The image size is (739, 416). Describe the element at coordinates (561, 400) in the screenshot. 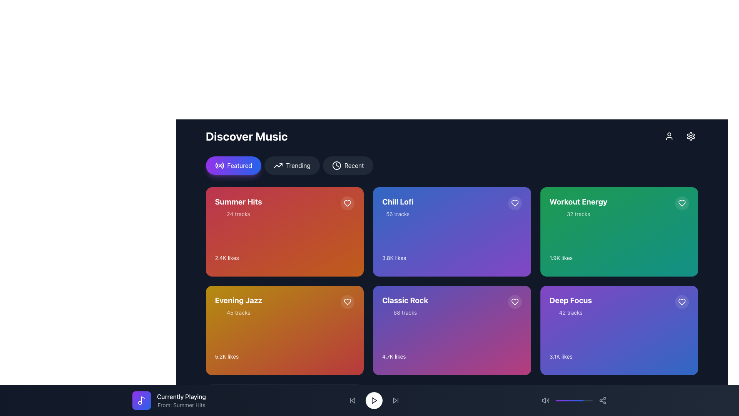

I see `volume level` at that location.